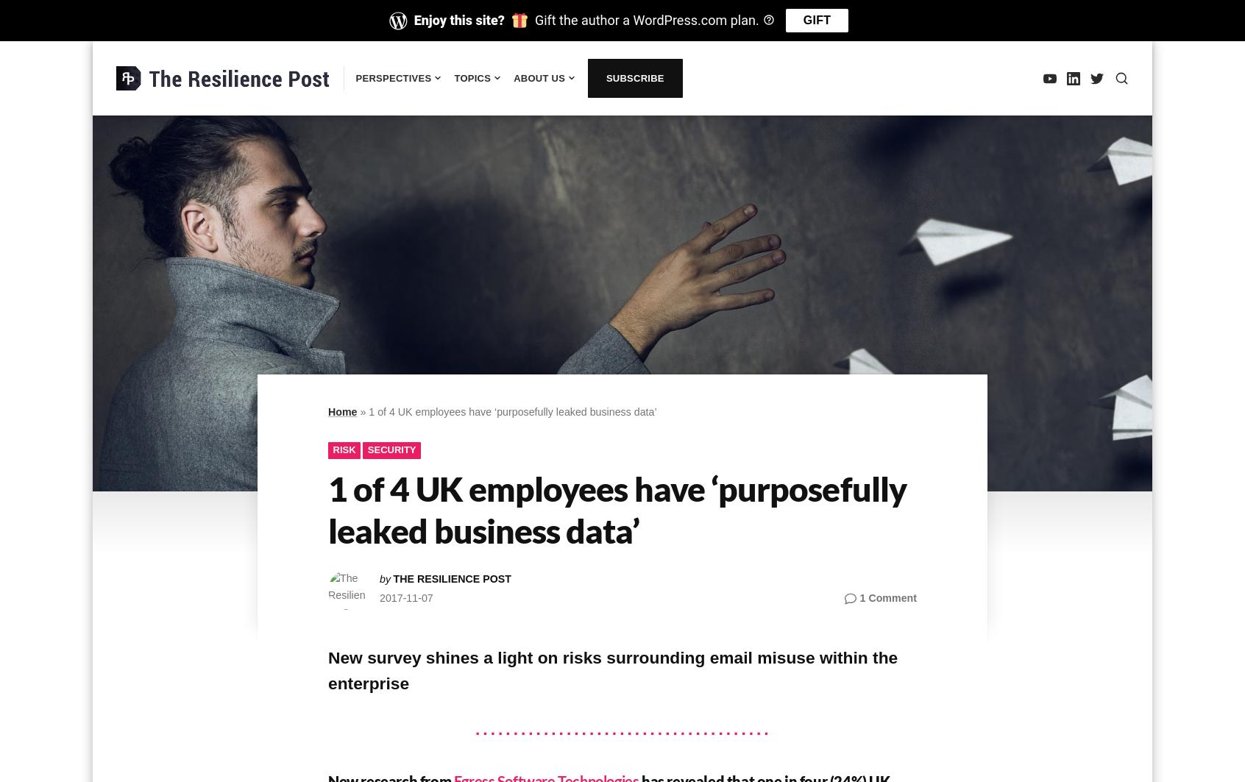  I want to click on 'Risk', so click(343, 448).